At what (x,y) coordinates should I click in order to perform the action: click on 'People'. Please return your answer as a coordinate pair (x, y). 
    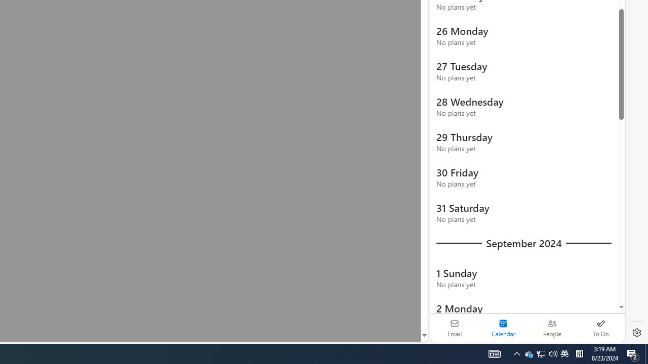
    Looking at the image, I should click on (551, 328).